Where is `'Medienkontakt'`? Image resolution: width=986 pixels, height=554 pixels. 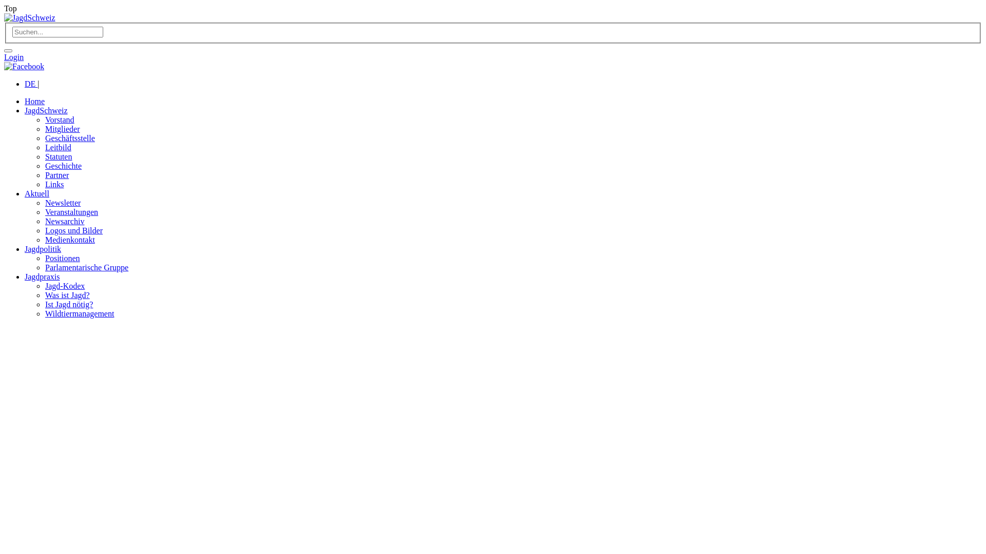 'Medienkontakt' is located at coordinates (69, 240).